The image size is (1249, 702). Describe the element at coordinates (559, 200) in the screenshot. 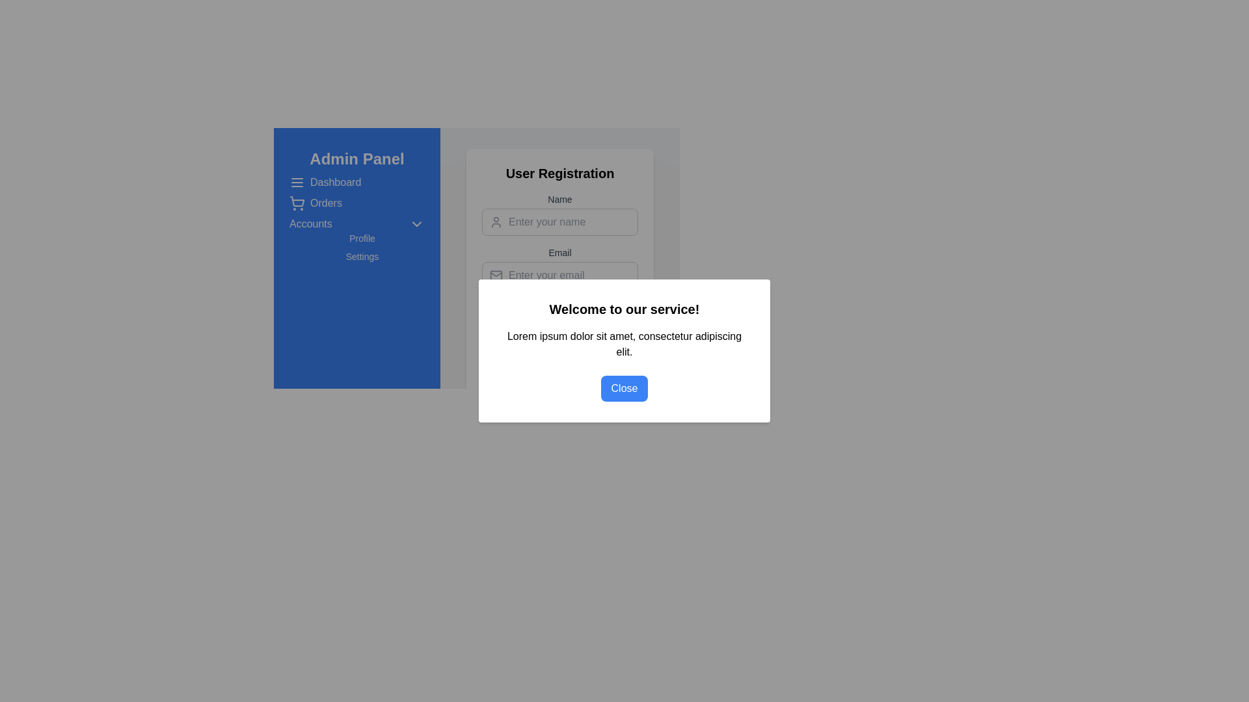

I see `the label that identifies the user's name input field in the top-center portion of the user registration form` at that location.